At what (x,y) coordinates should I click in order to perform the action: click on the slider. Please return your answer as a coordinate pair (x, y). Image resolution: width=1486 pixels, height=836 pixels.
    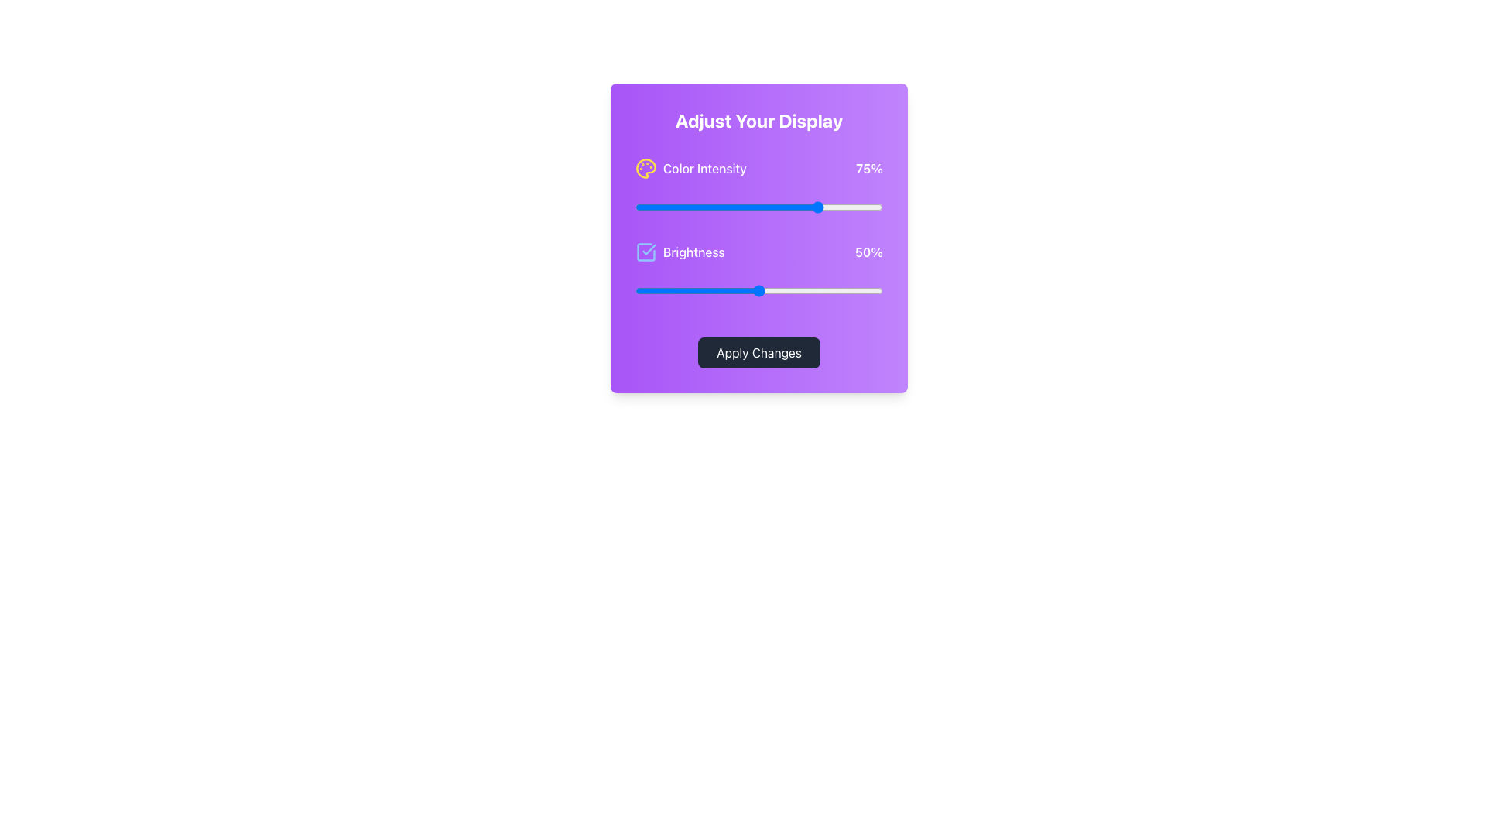
    Looking at the image, I should click on (875, 206).